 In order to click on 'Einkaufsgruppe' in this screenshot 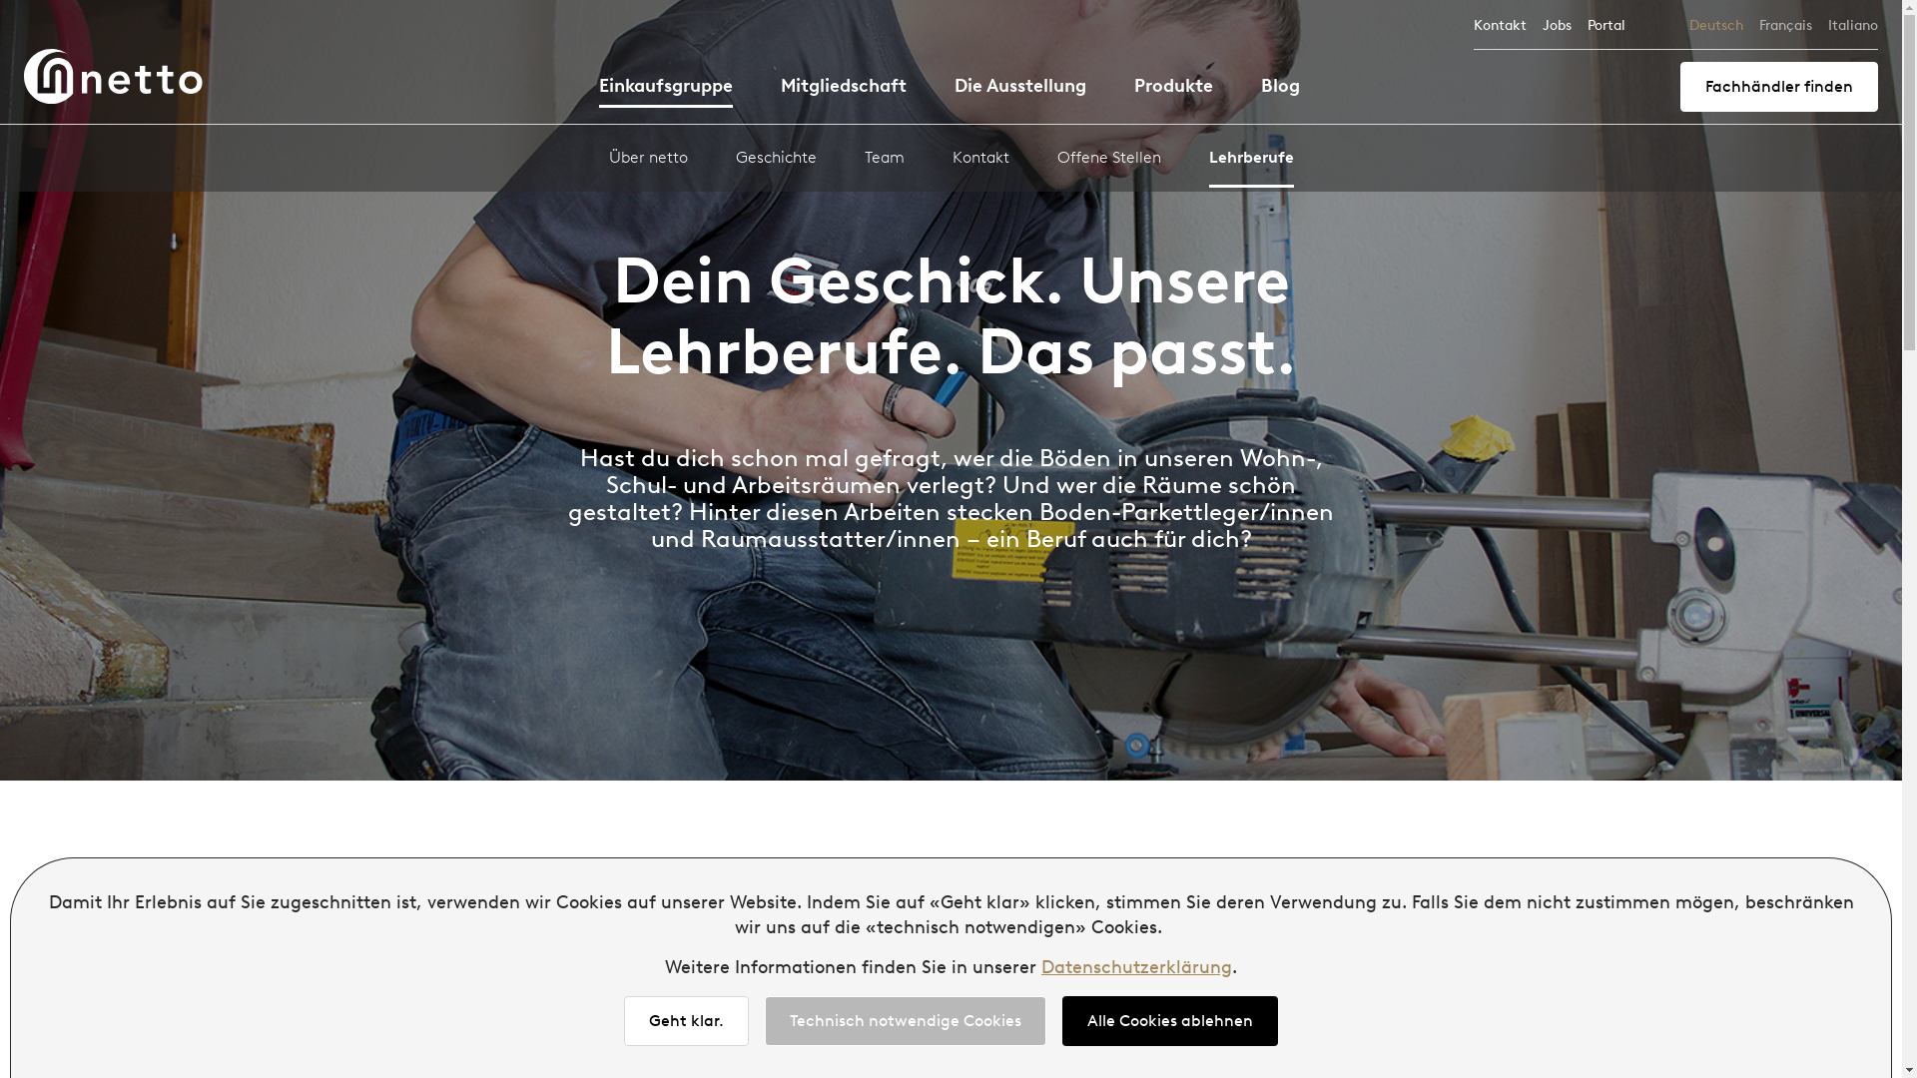, I will do `click(666, 91)`.